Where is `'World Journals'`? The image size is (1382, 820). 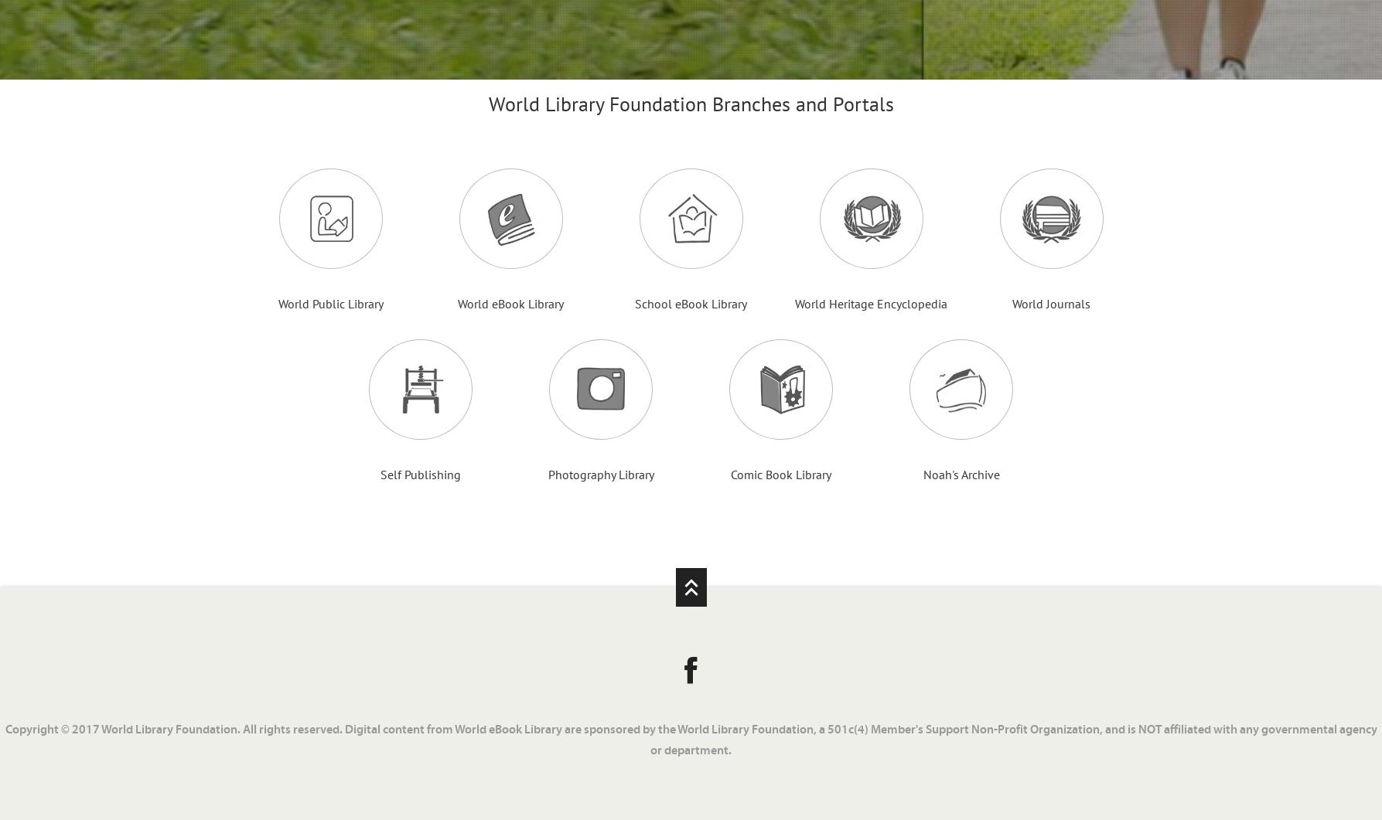 'World Journals' is located at coordinates (1050, 303).